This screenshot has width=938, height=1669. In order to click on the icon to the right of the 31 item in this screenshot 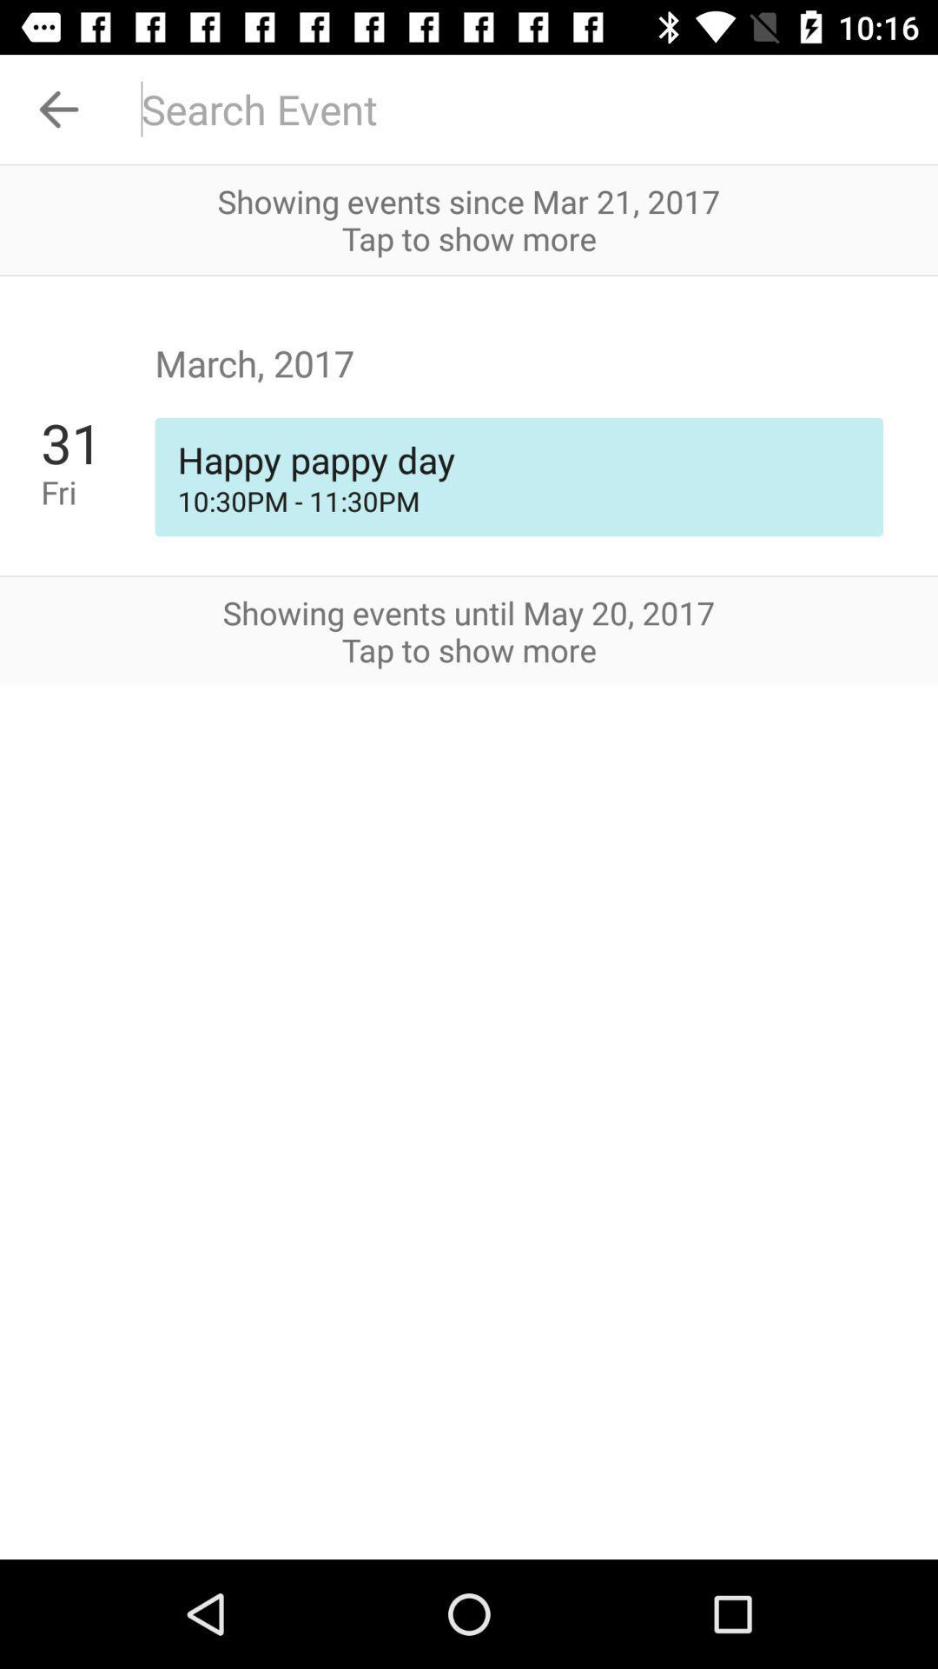, I will do `click(518, 500)`.